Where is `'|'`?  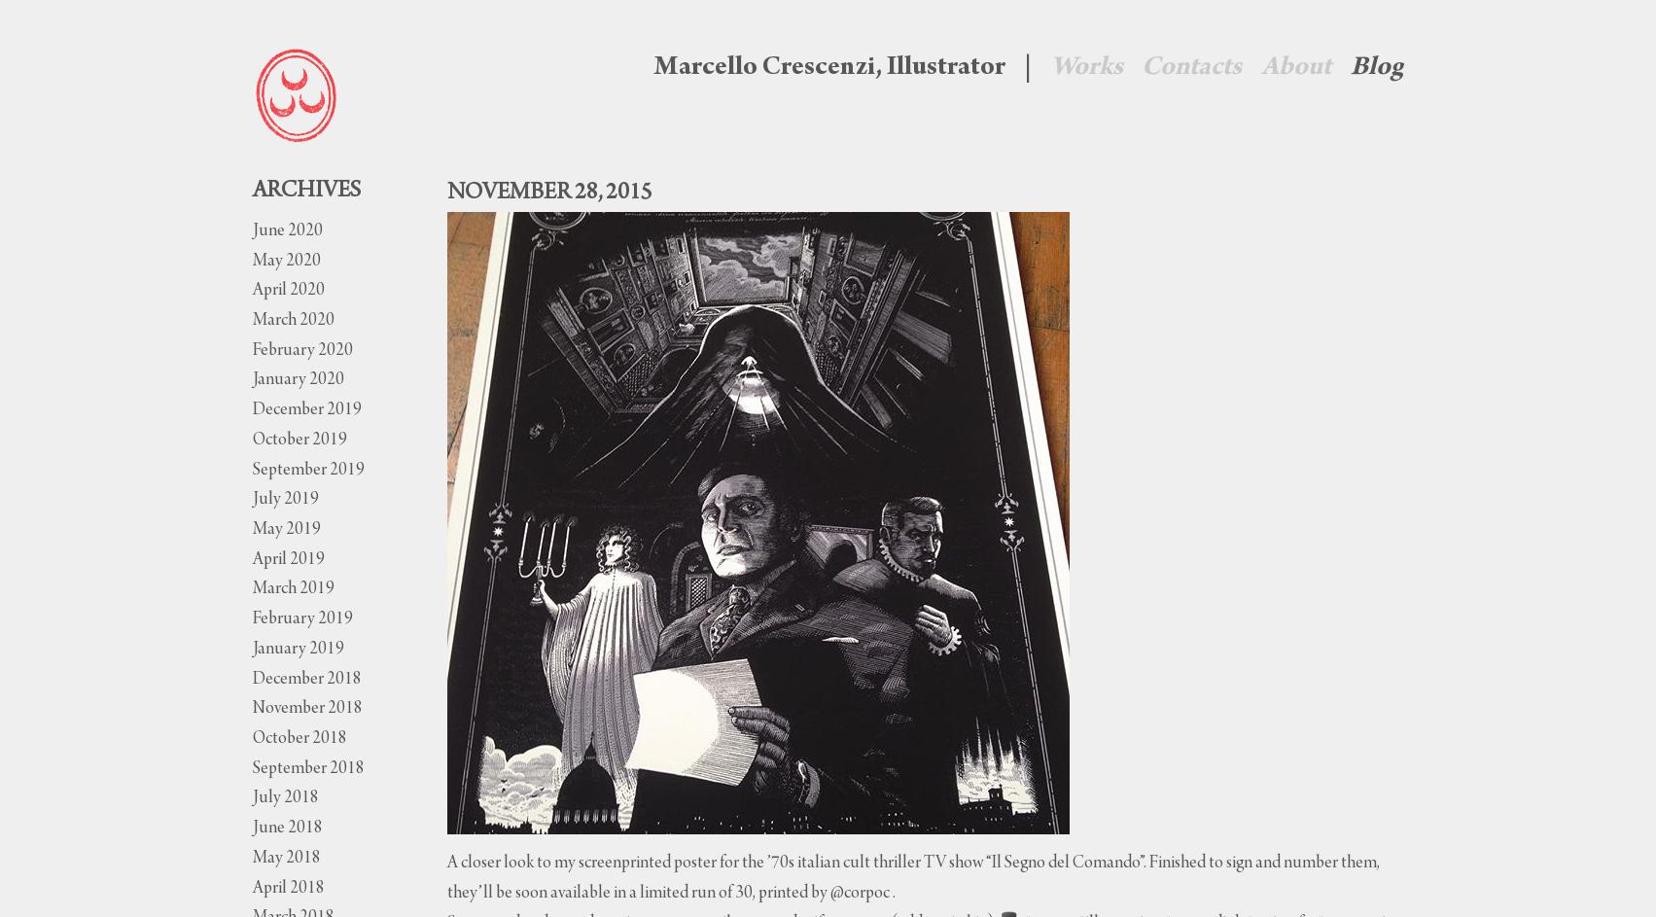 '|' is located at coordinates (1023, 67).